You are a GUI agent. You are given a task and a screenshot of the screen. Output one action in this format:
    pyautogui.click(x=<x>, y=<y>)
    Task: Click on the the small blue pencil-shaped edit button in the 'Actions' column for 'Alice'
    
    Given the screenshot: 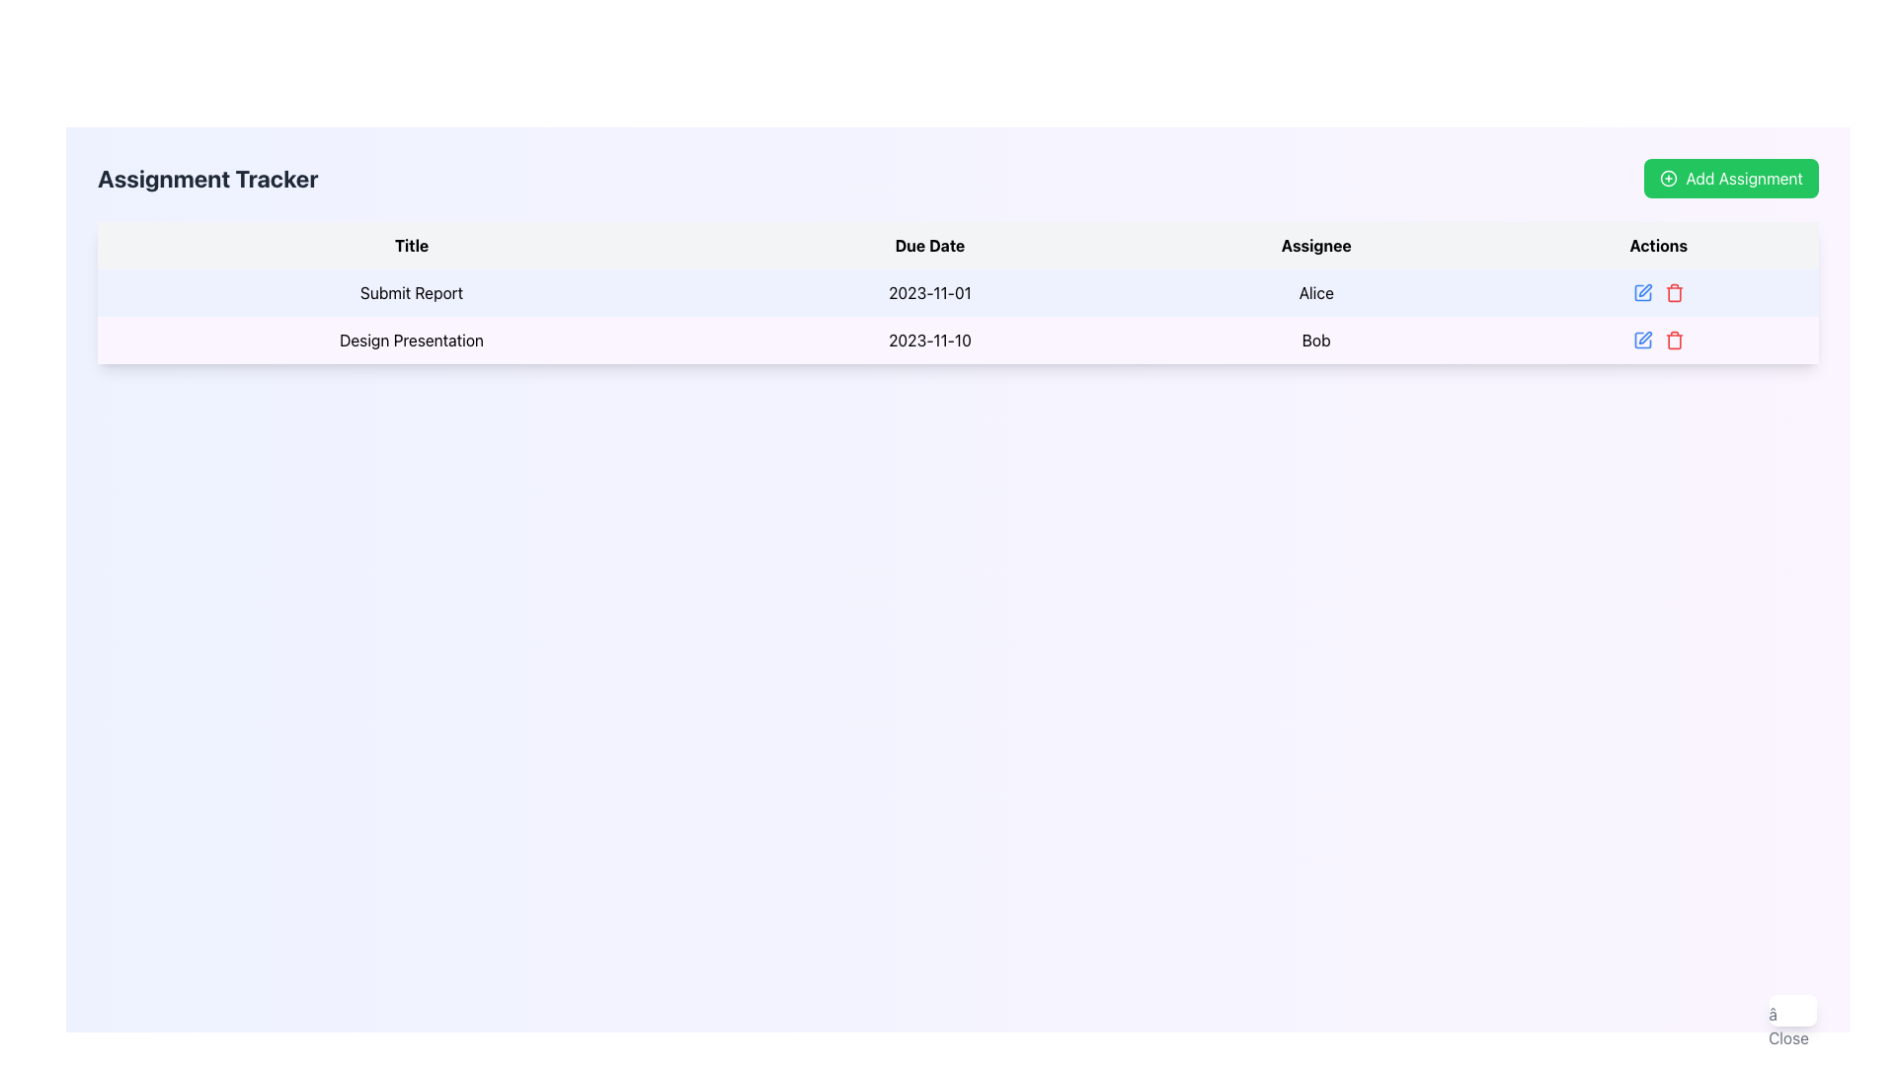 What is the action you would take?
    pyautogui.click(x=1642, y=293)
    